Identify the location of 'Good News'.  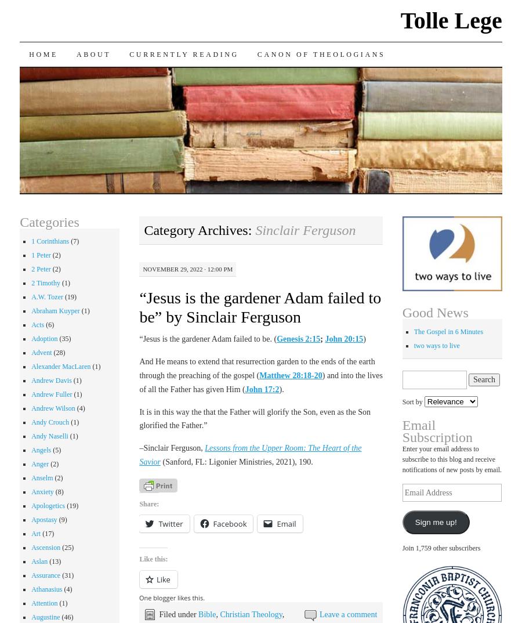
(401, 312).